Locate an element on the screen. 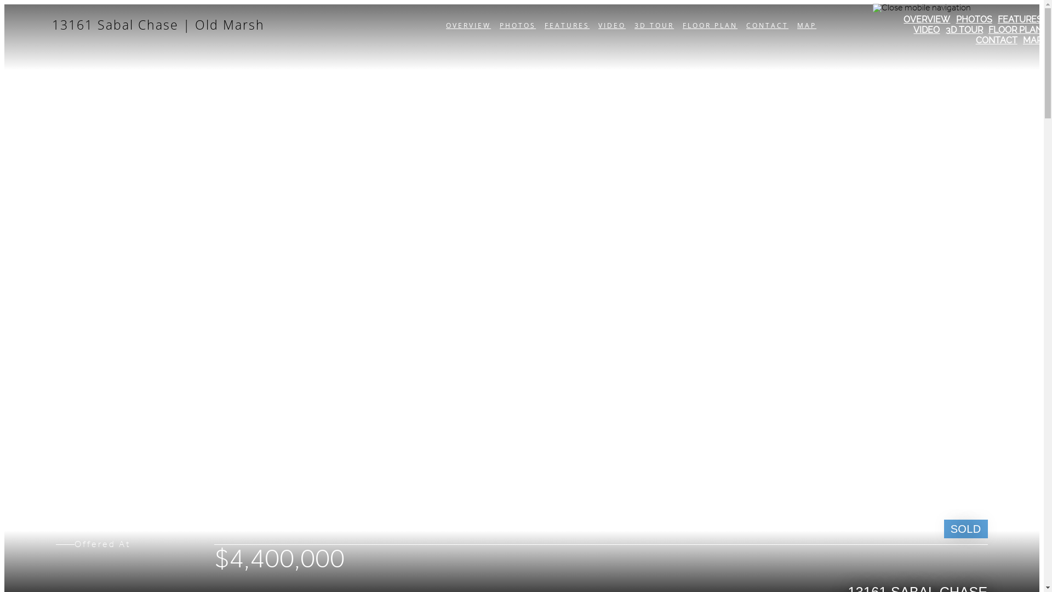 The height and width of the screenshot is (592, 1052). '3D TOUR' is located at coordinates (964, 29).